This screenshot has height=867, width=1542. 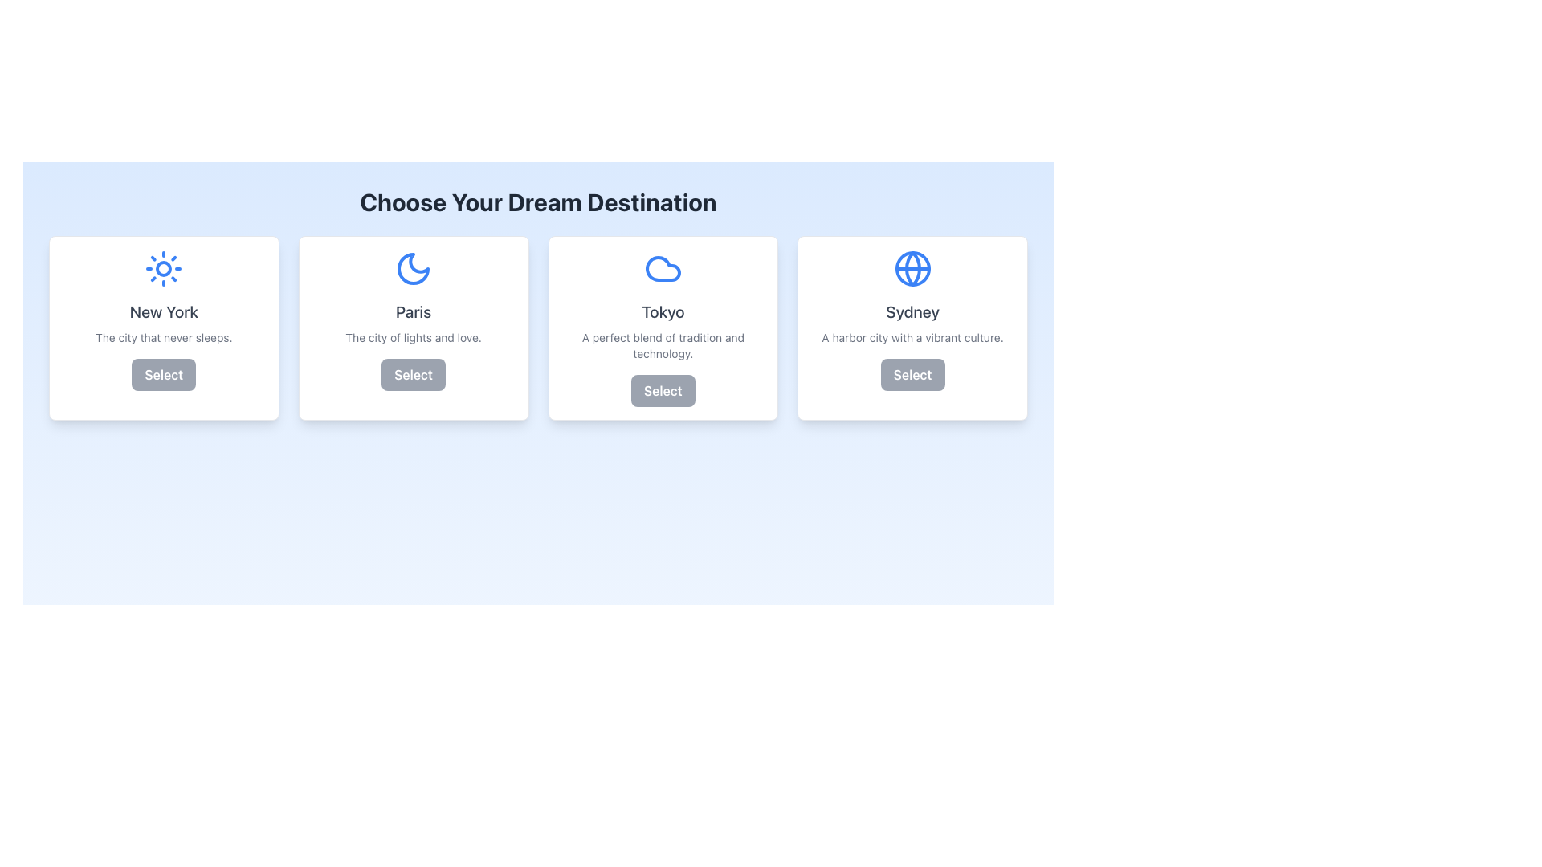 What do you see at coordinates (912, 268) in the screenshot?
I see `the decorative icon representing the city of Sydney, which is the first visual component in the far right of a horizontal row of city cards` at bounding box center [912, 268].